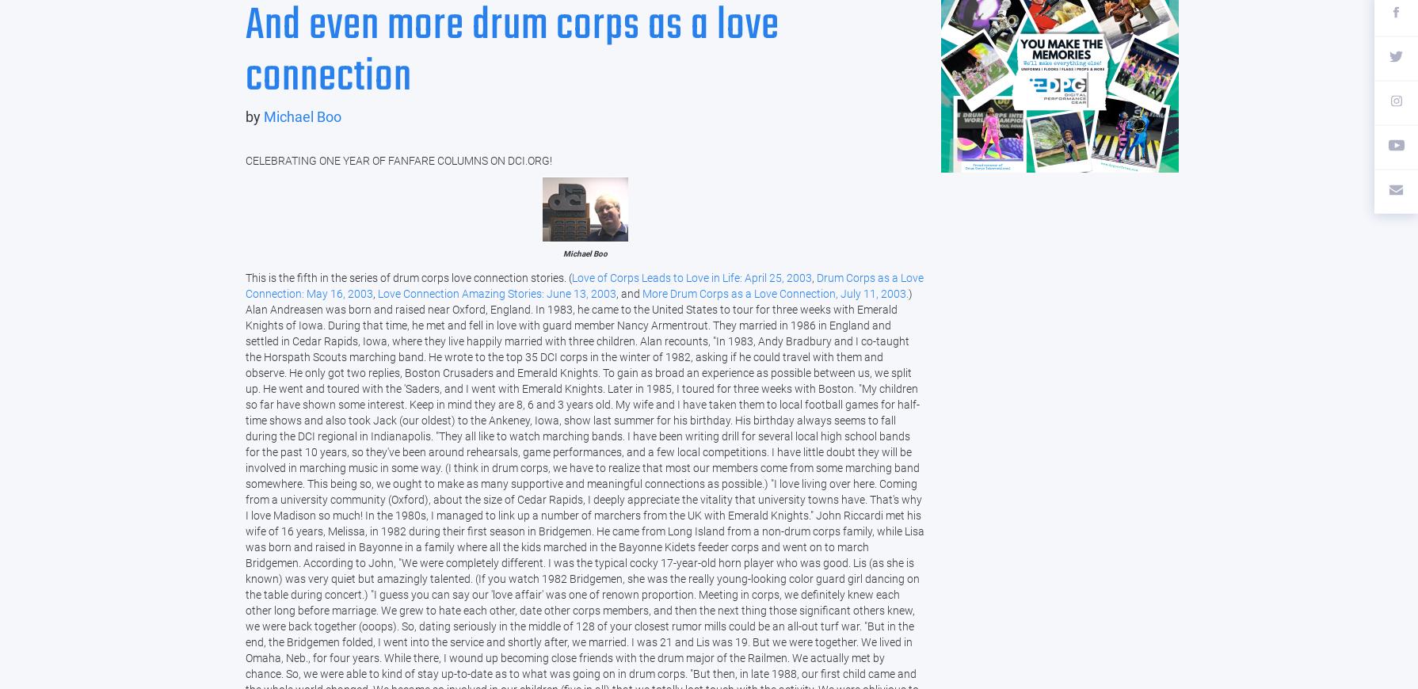 This screenshot has height=689, width=1418. Describe the element at coordinates (775, 293) in the screenshot. I see `'More Drum Corps as a Love Connection, July 11, 2003.'` at that location.